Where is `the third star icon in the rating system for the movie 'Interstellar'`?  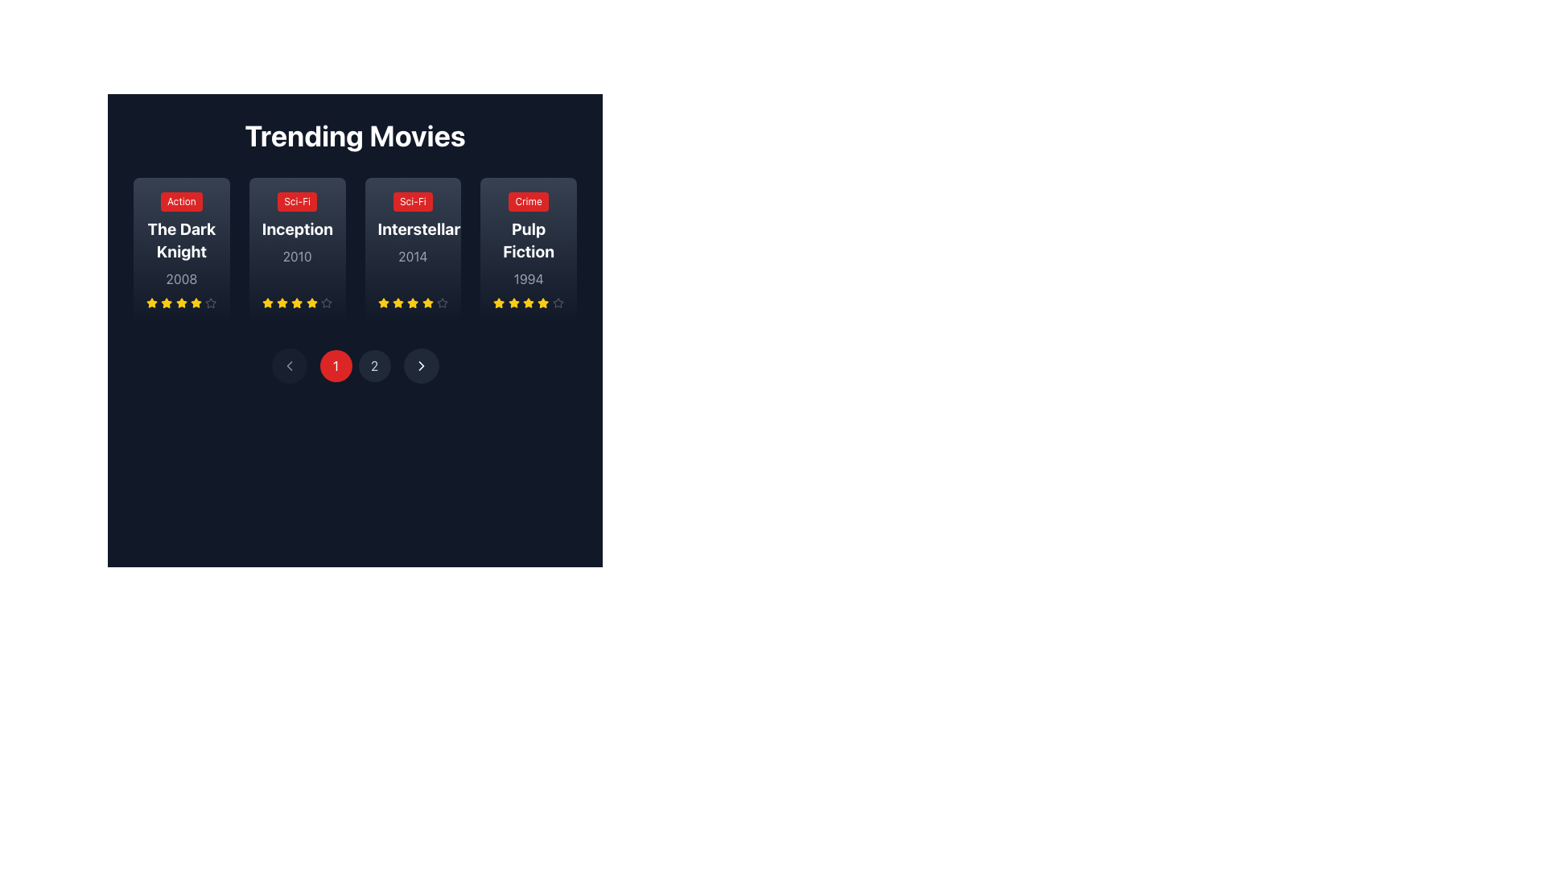
the third star icon in the rating system for the movie 'Interstellar' is located at coordinates (382, 303).